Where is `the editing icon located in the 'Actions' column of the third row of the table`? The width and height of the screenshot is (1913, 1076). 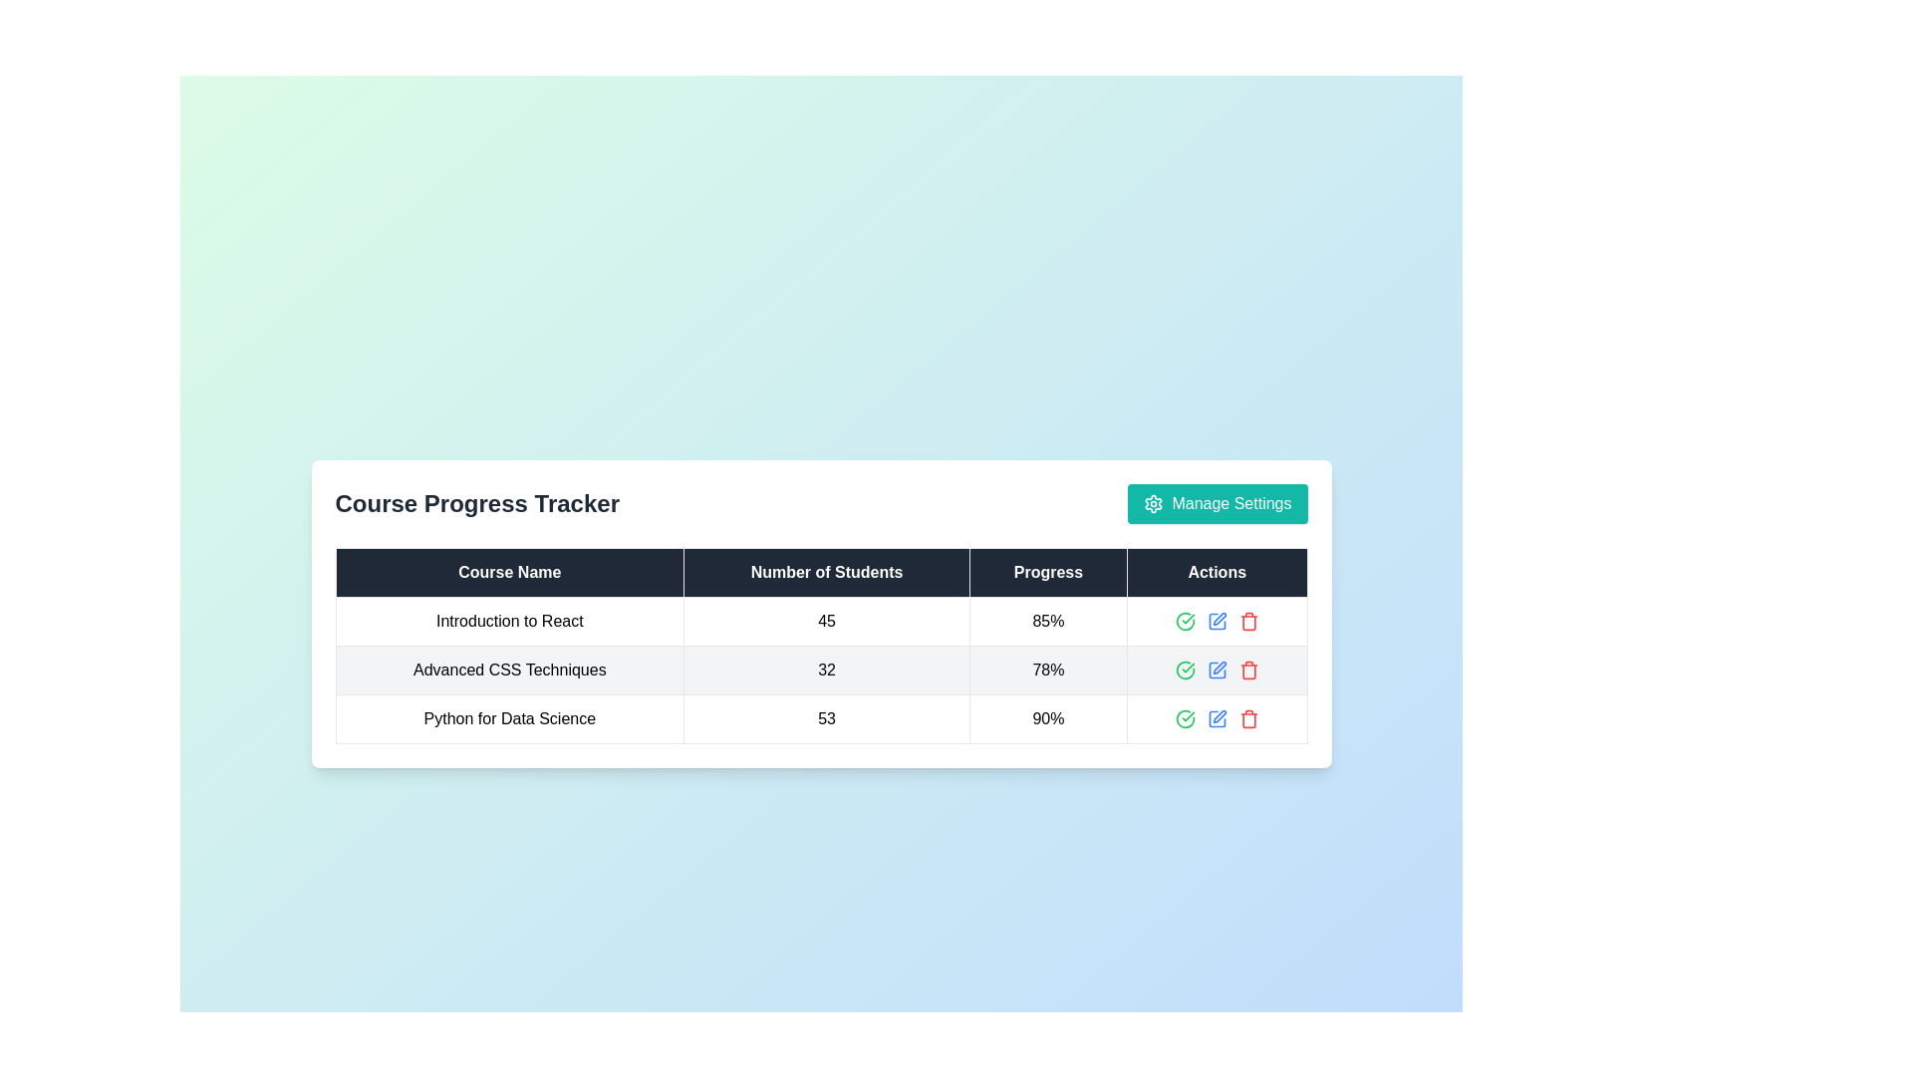 the editing icon located in the 'Actions' column of the third row of the table is located at coordinates (1219, 714).